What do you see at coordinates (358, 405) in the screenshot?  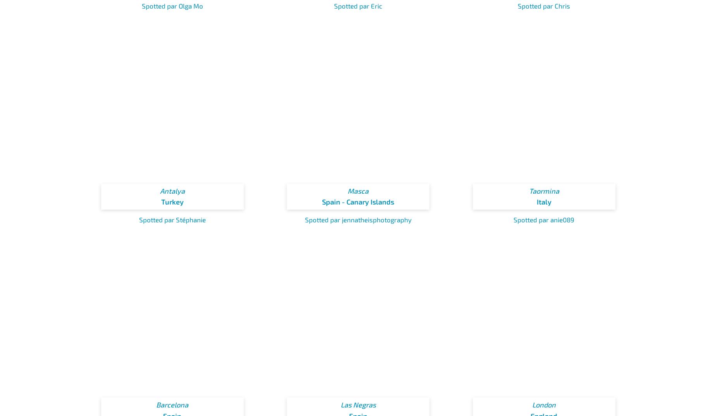 I see `'Las Negras'` at bounding box center [358, 405].